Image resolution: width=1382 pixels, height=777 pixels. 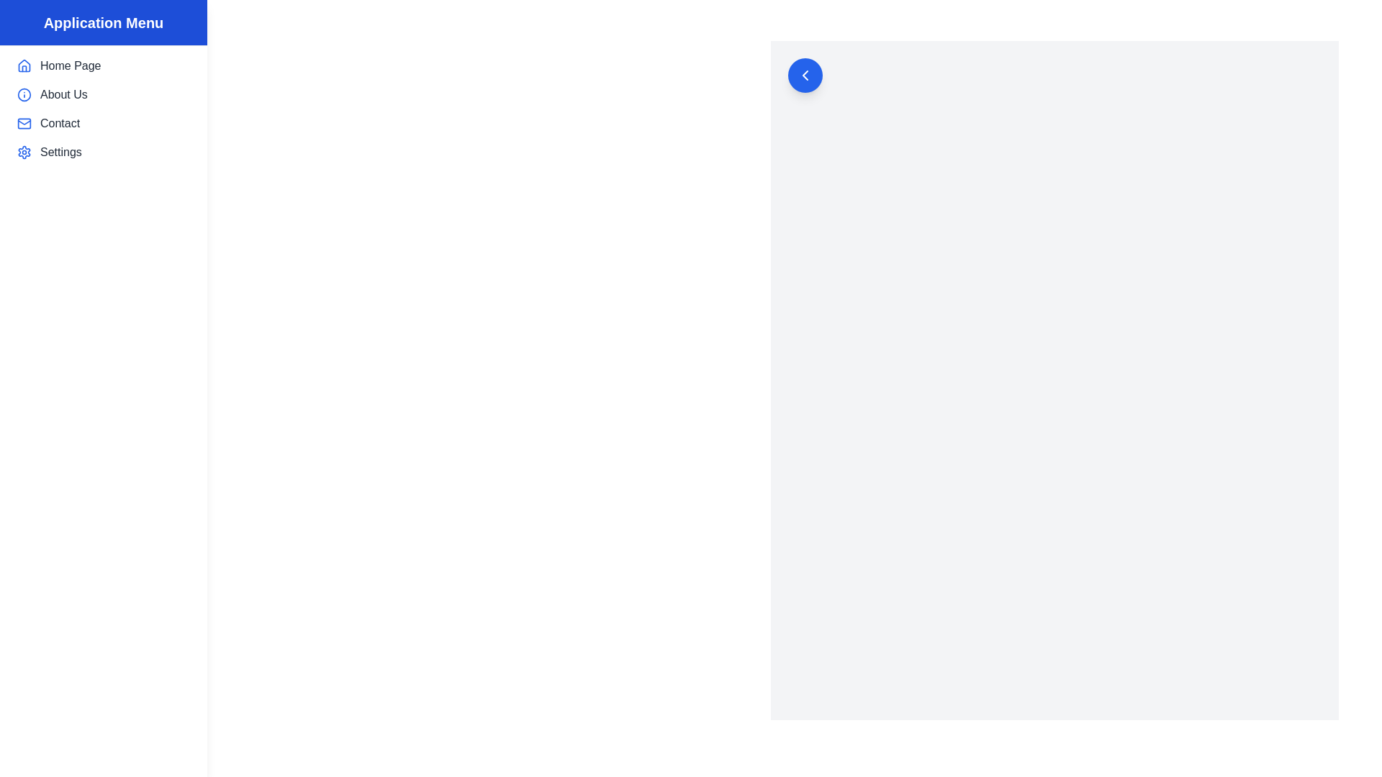 I want to click on the circle SVG shape that serves as a notification indicator within the 'About Us' menu item in the application menu on the left panel, so click(x=24, y=94).